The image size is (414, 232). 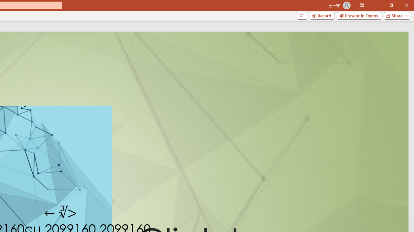 What do you see at coordinates (361, 5) in the screenshot?
I see `'Ribbon Display Options'` at bounding box center [361, 5].